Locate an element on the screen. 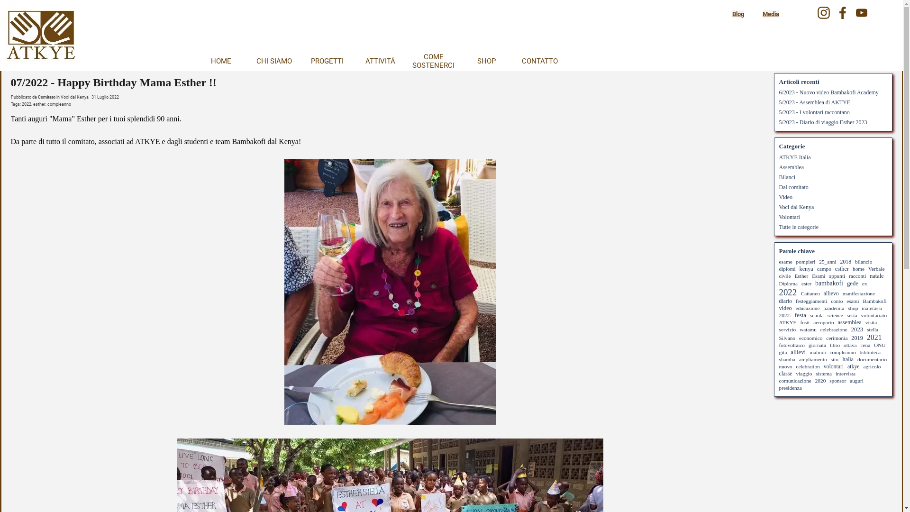 This screenshot has height=512, width=910. 'shamba' is located at coordinates (787, 359).